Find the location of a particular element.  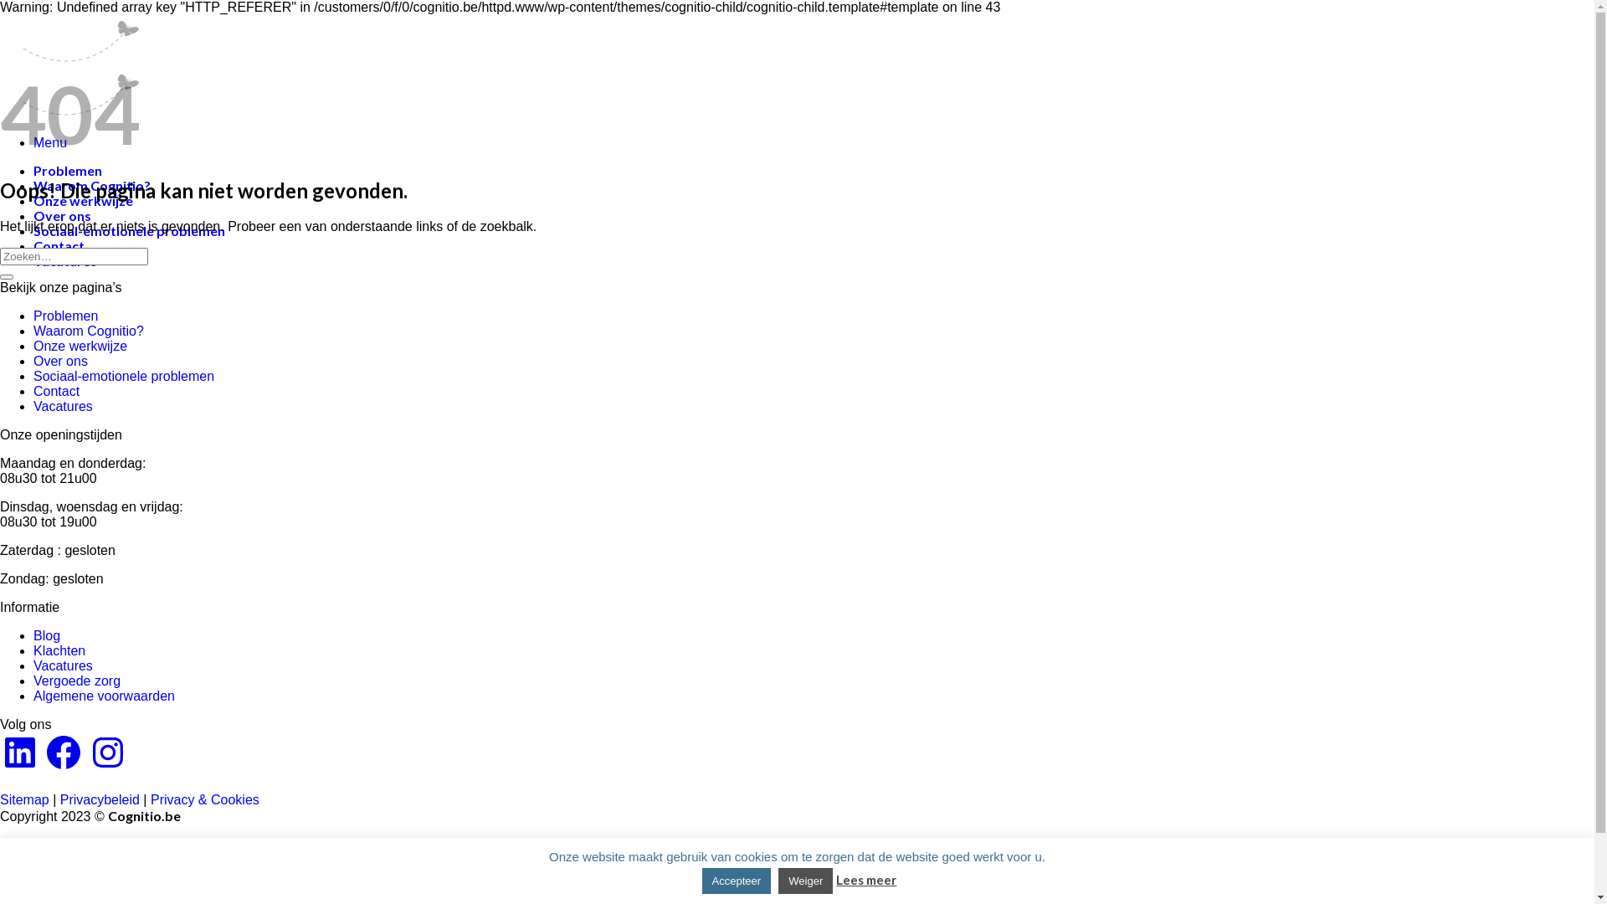

'Over ons' is located at coordinates (60, 360).